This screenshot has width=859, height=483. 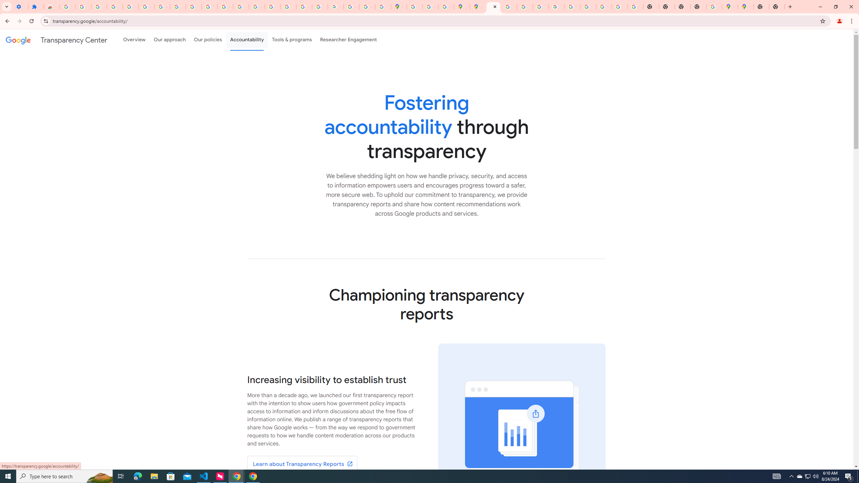 I want to click on 'Google Account Help', so click(x=146, y=6).